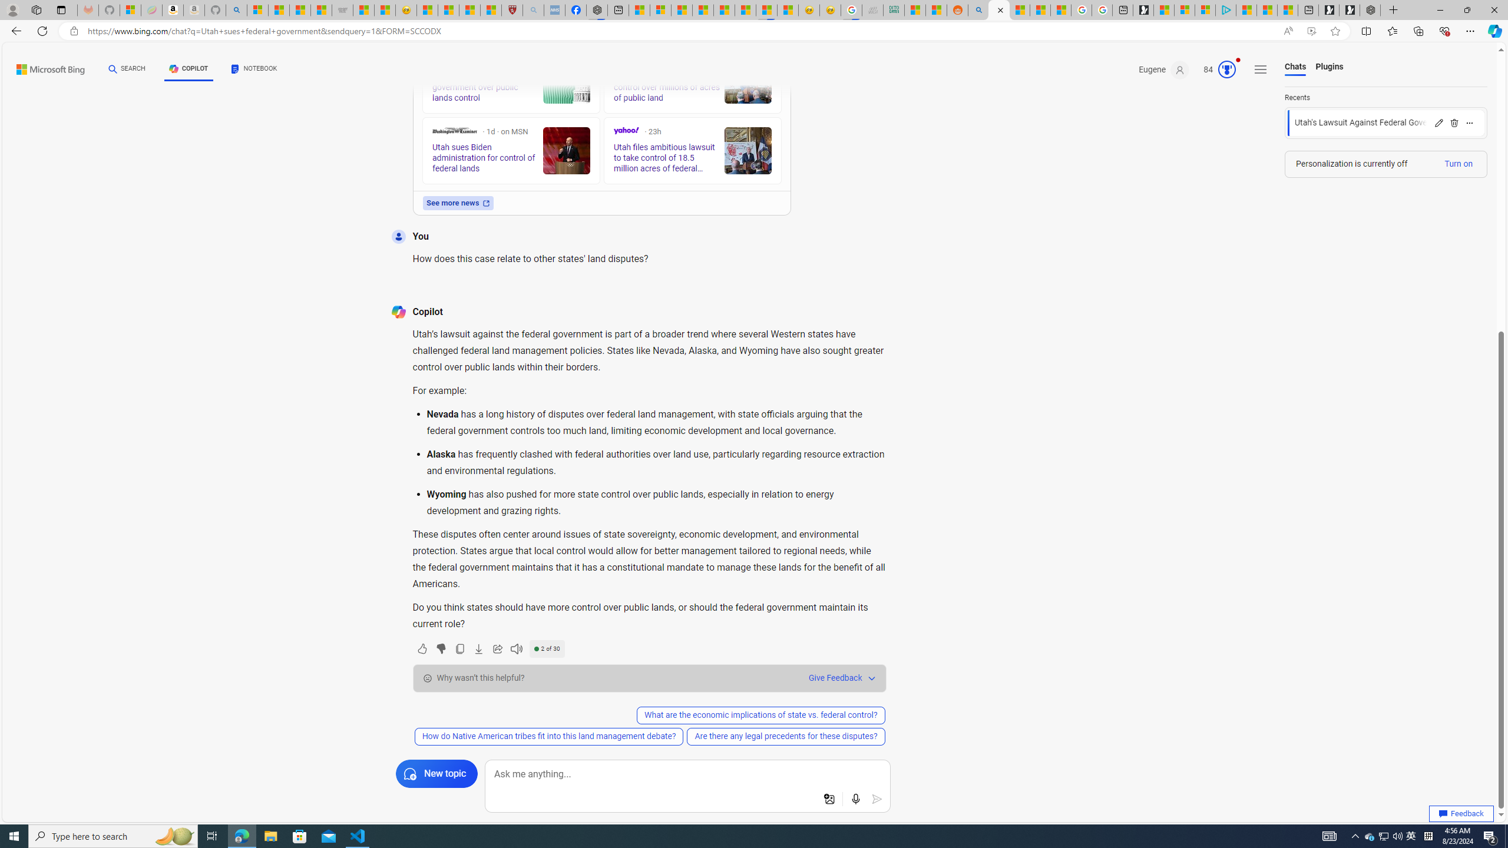 This screenshot has height=848, width=1508. What do you see at coordinates (786, 736) in the screenshot?
I see `'Are there any legal precedents for these disputes?'` at bounding box center [786, 736].